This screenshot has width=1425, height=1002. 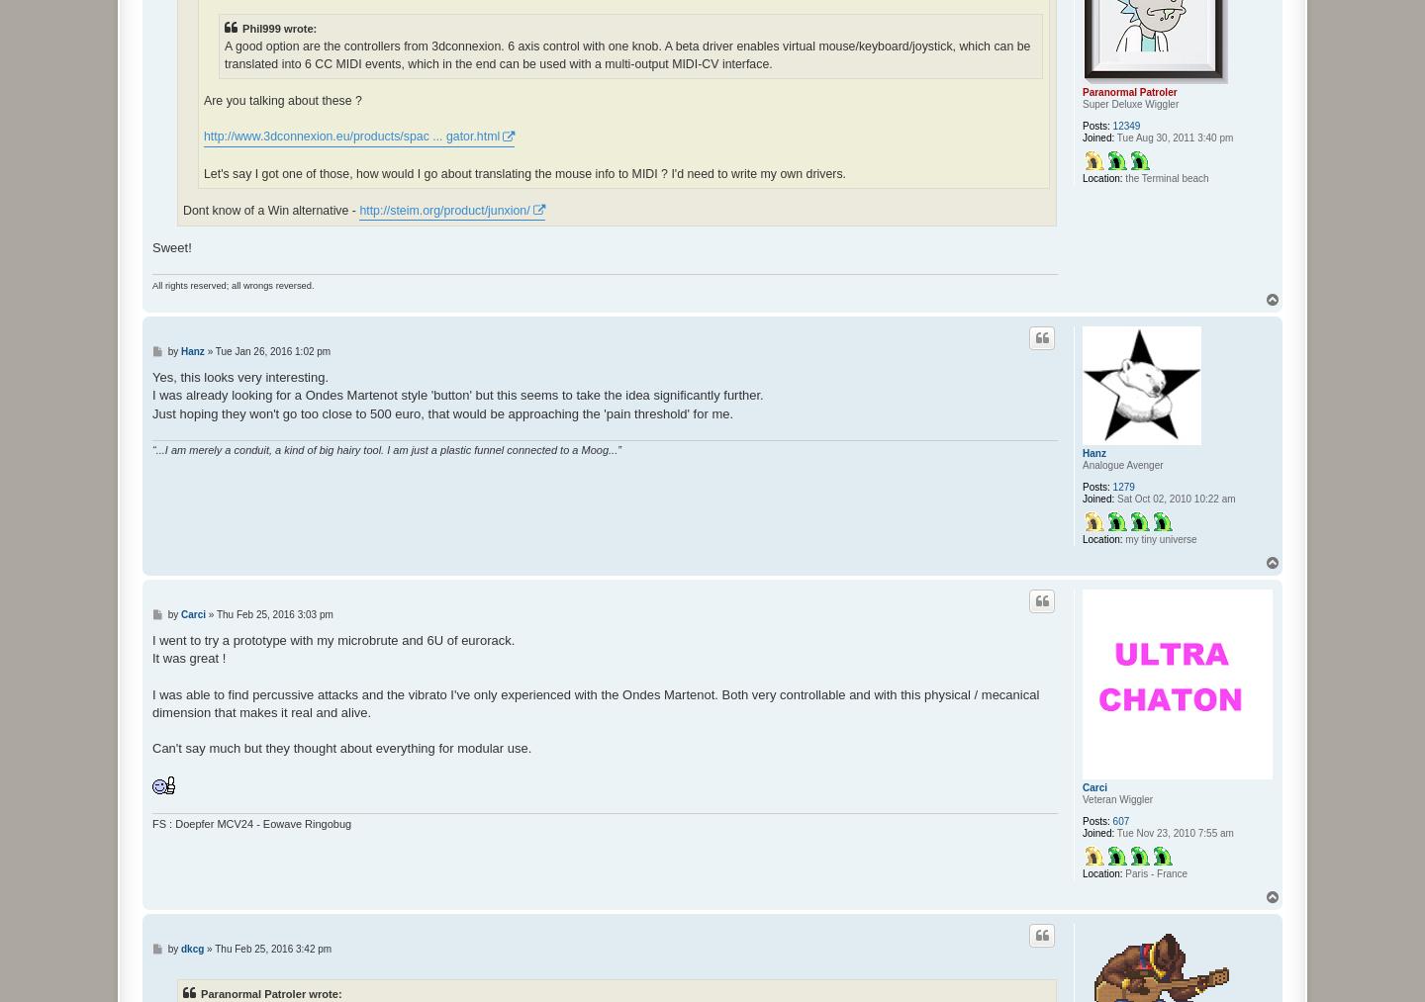 I want to click on 'dkcg', so click(x=180, y=949).